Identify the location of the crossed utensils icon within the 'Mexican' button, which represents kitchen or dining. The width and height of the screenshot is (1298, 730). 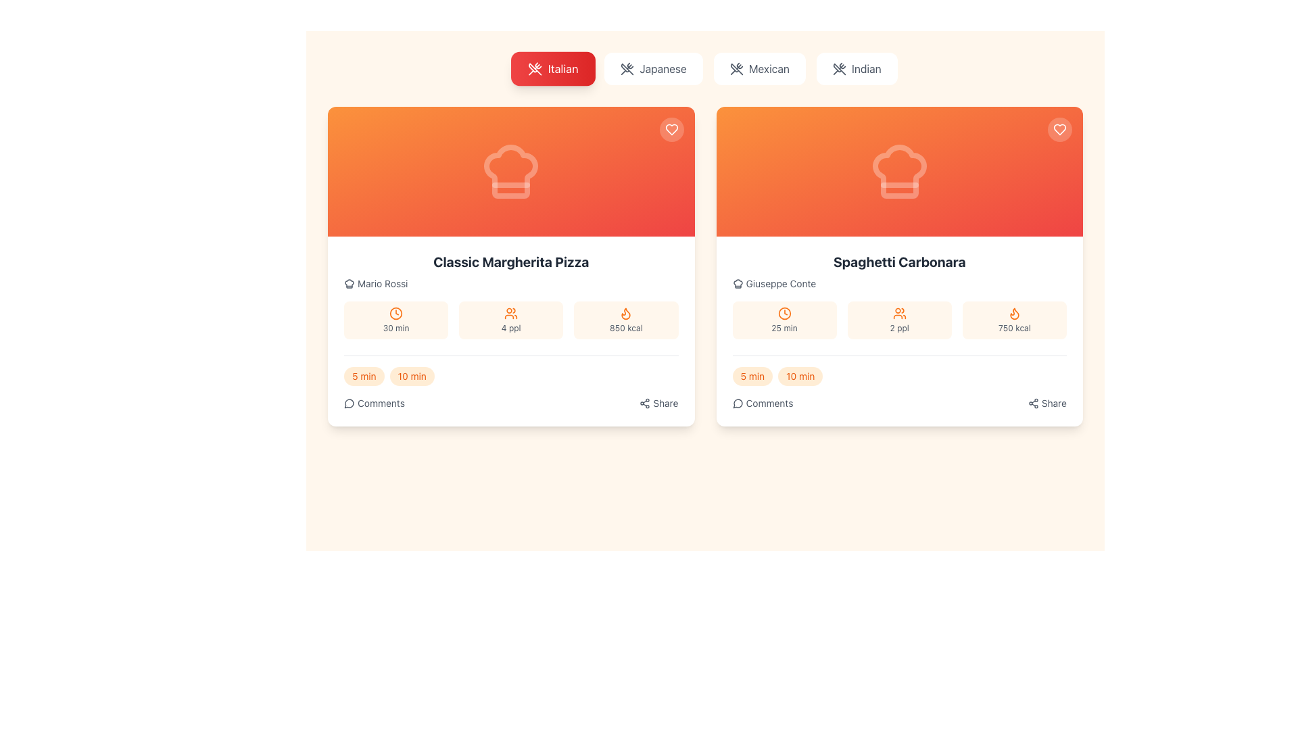
(736, 68).